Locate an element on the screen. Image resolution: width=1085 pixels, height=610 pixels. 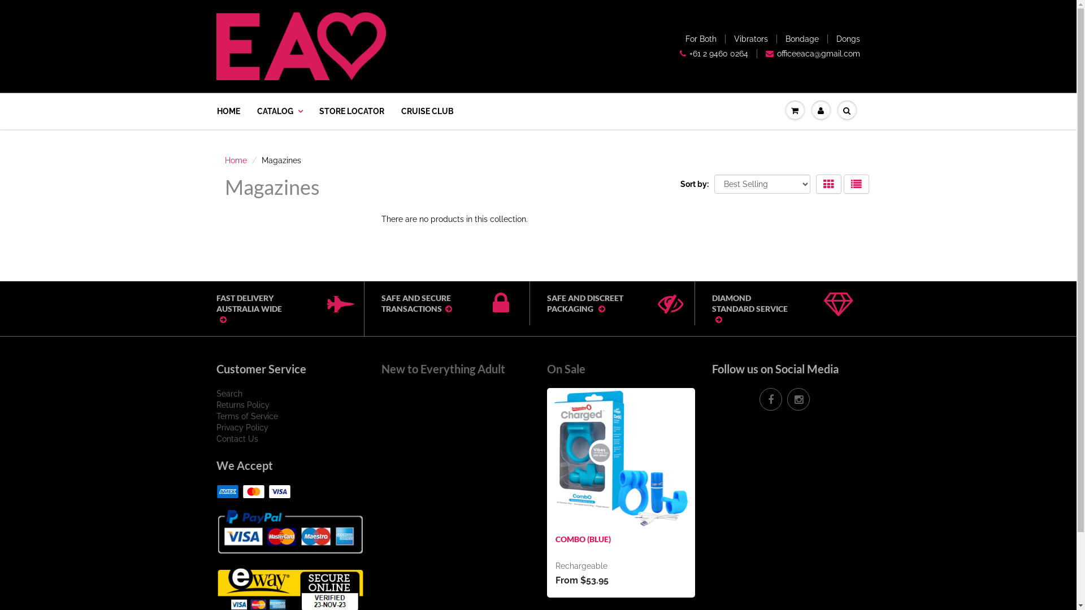
'Returns Policy' is located at coordinates (241, 404).